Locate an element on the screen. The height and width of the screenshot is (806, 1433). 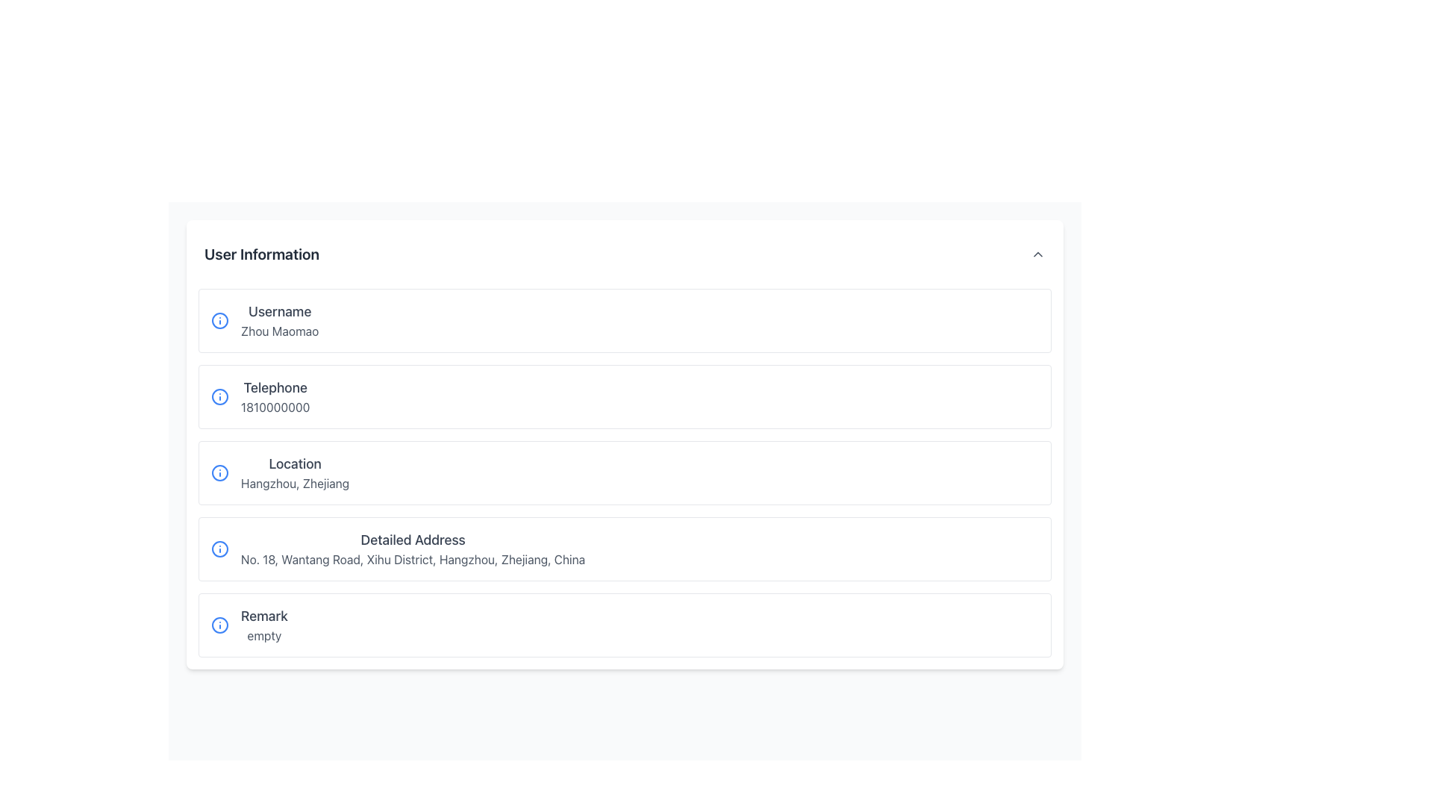
the 'Telephone' text display element that shows the number '1810000000' located in the 'User Information' section, positioned centrally in the left column is located at coordinates (275, 396).